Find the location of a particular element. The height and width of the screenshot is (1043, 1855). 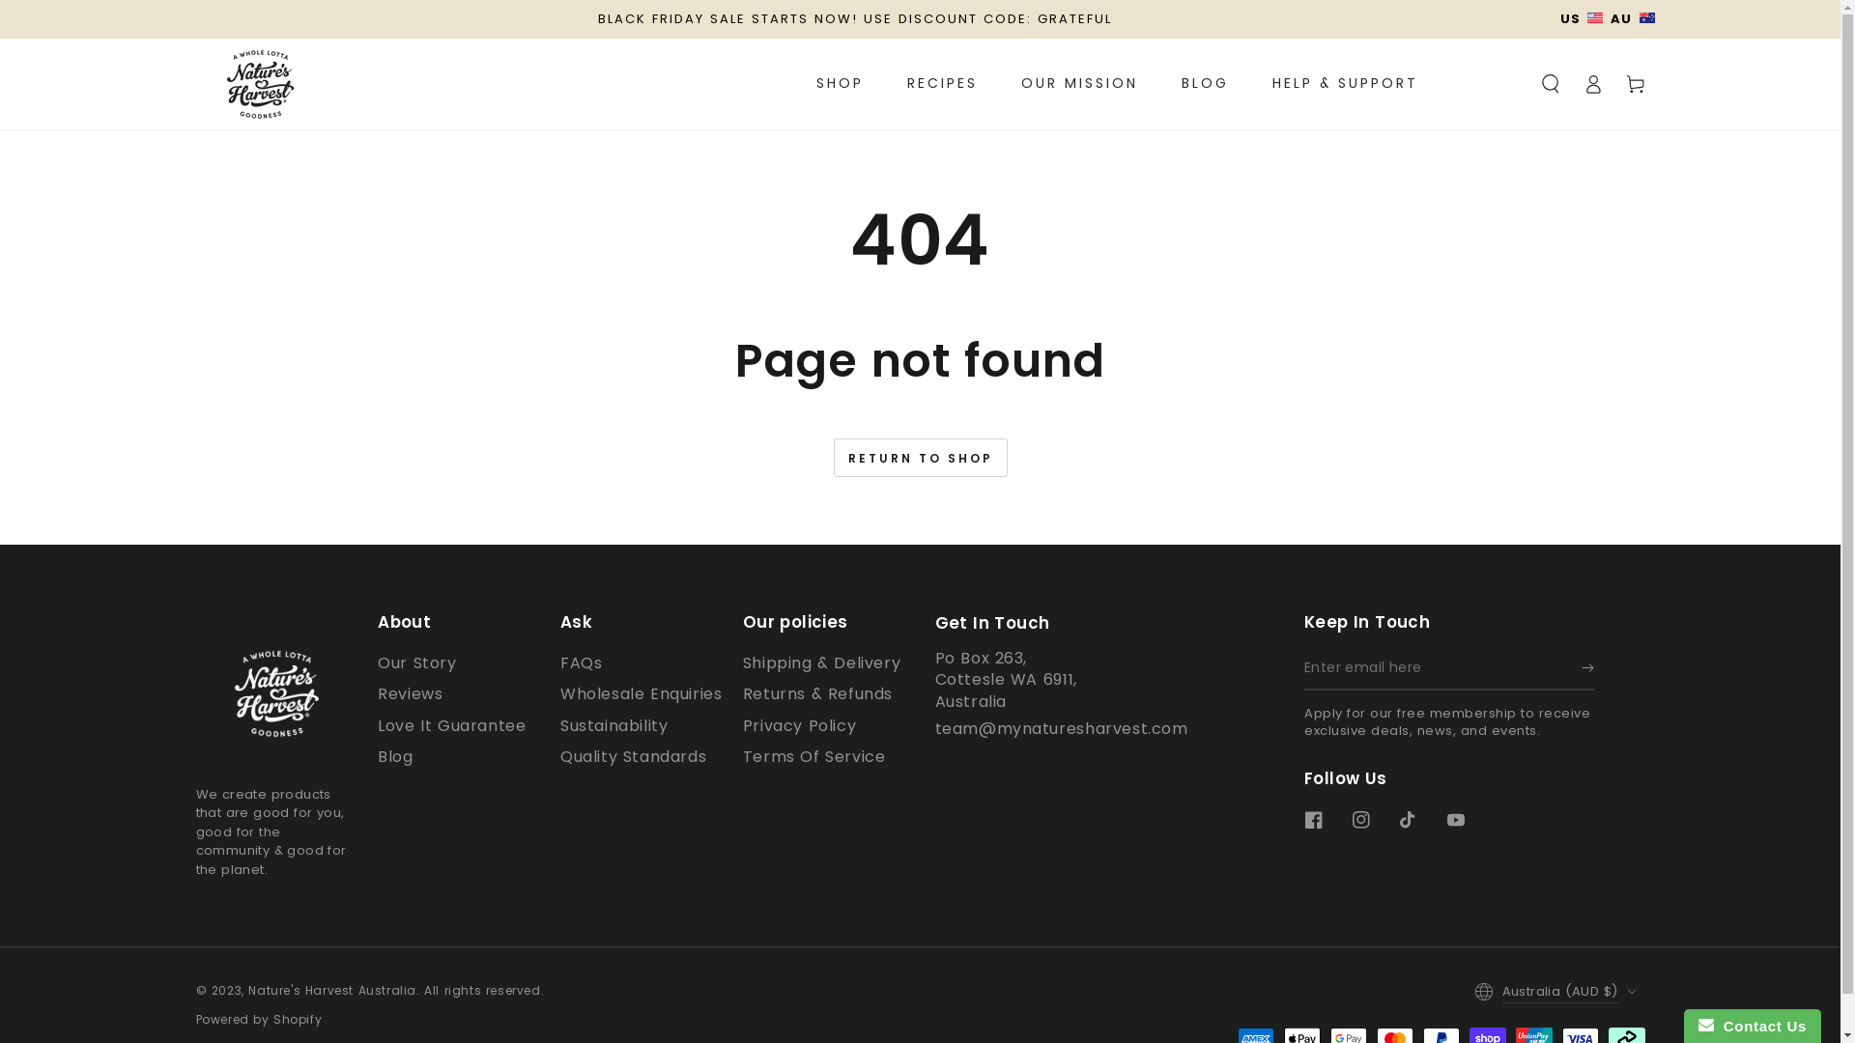

'BLOG' is located at coordinates (1204, 82).